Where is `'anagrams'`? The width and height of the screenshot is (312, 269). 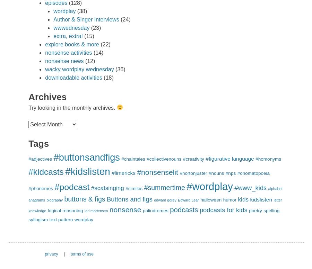 'anagrams' is located at coordinates (36, 200).